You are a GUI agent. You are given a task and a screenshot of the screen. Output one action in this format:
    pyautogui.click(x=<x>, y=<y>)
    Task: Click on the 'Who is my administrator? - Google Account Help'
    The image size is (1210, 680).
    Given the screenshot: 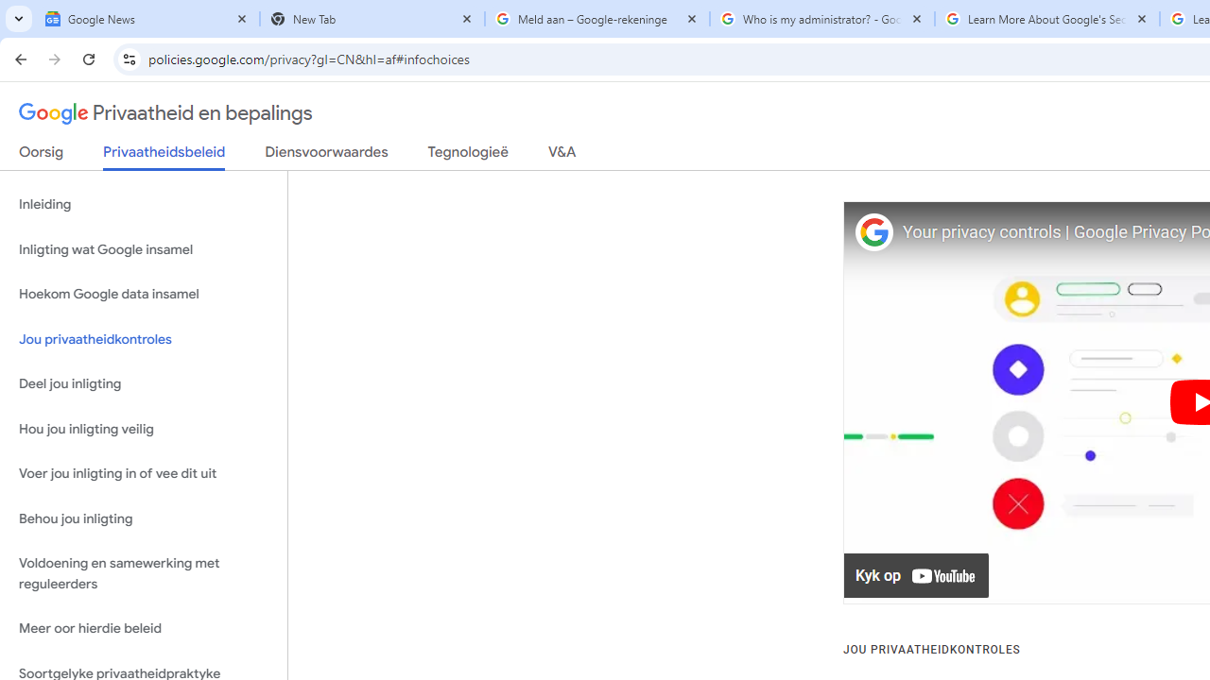 What is the action you would take?
    pyautogui.click(x=822, y=19)
    